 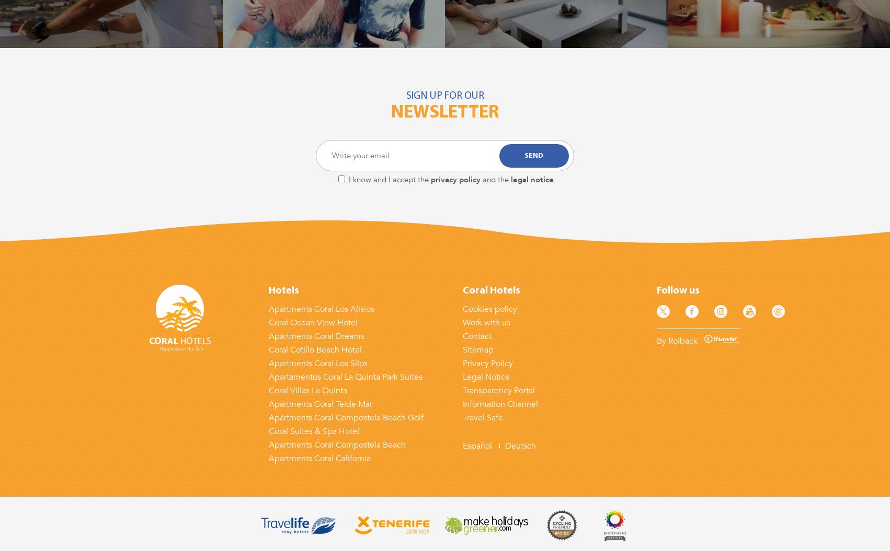 I want to click on 'I know and I accept the', so click(x=388, y=179).